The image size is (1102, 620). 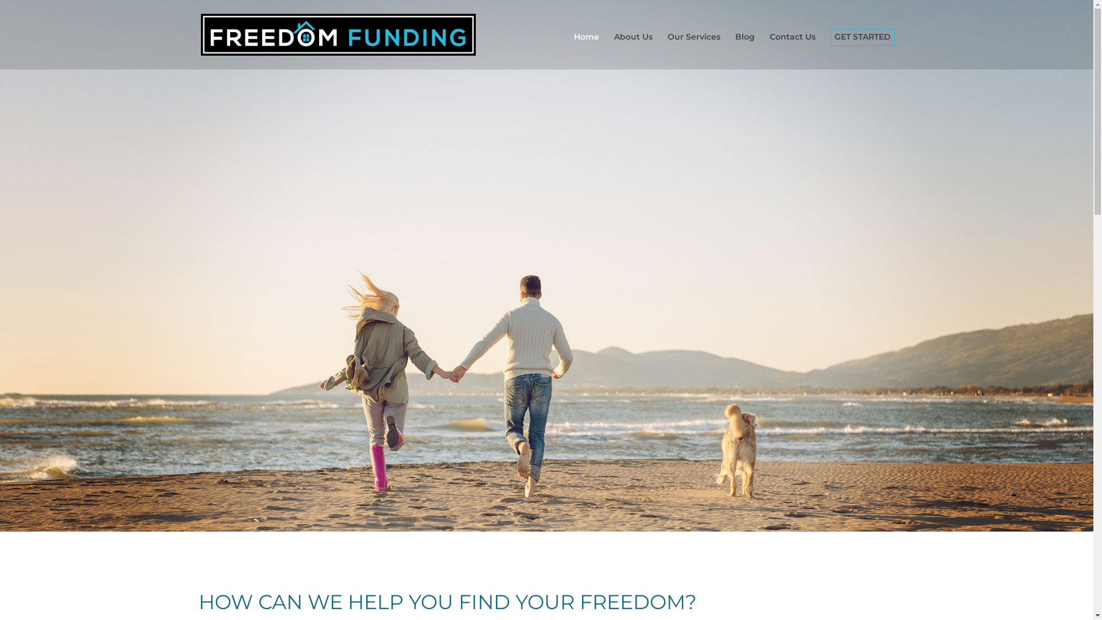 What do you see at coordinates (744, 50) in the screenshot?
I see `'Blog'` at bounding box center [744, 50].